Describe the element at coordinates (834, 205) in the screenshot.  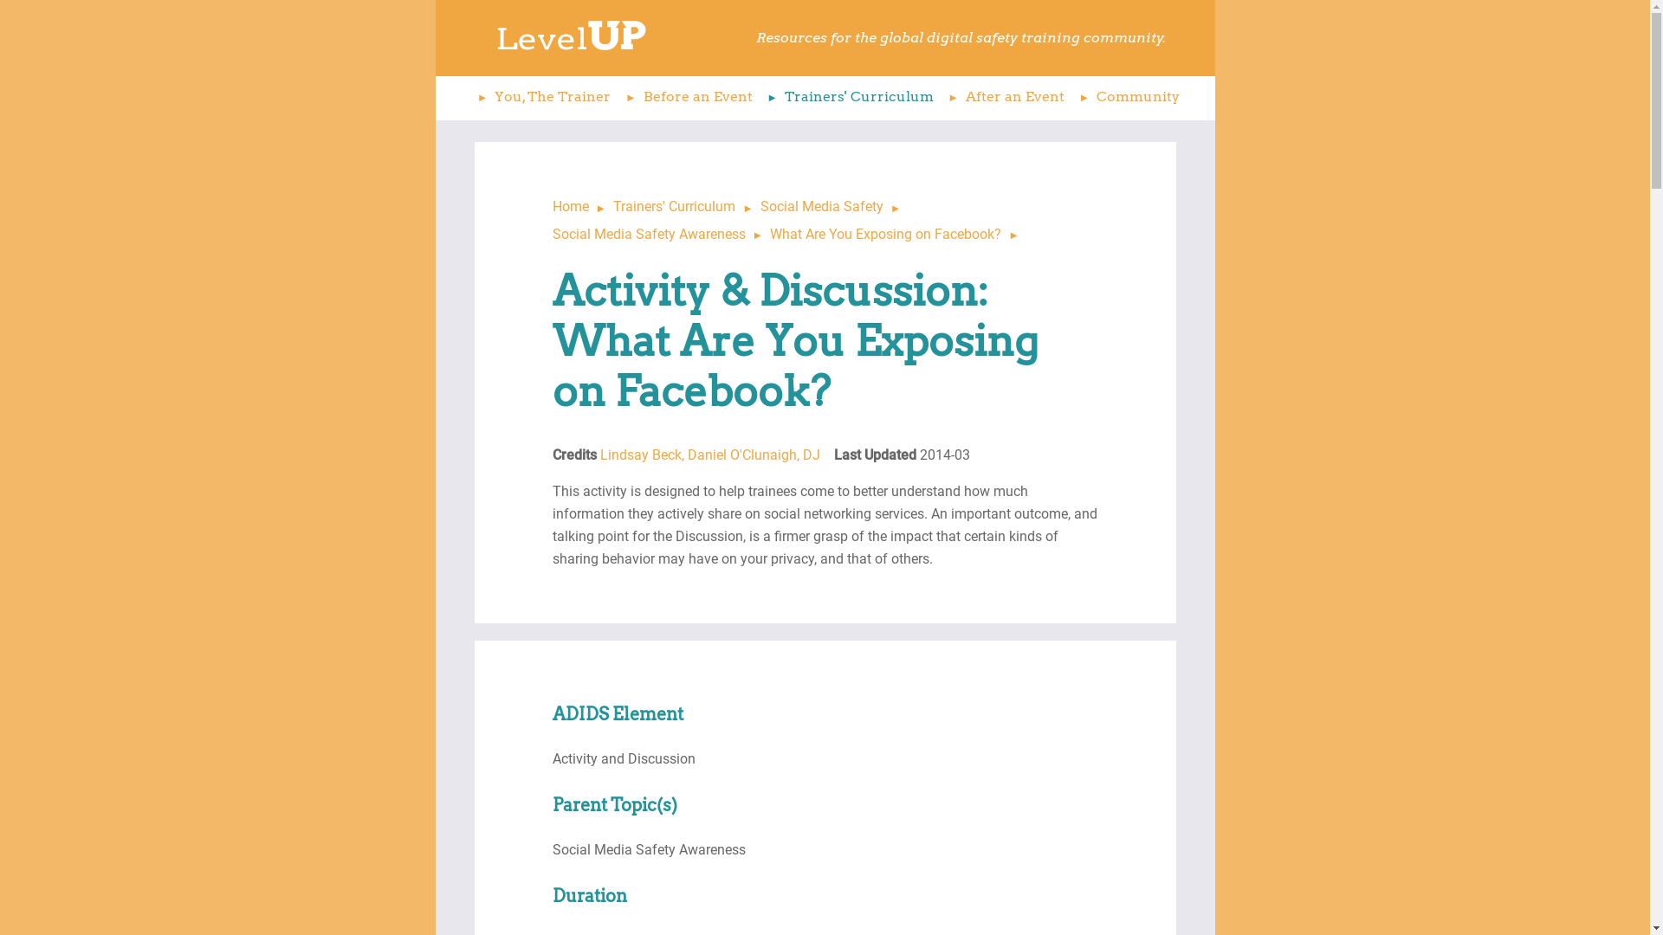
I see `'Social Media Safety'` at that location.